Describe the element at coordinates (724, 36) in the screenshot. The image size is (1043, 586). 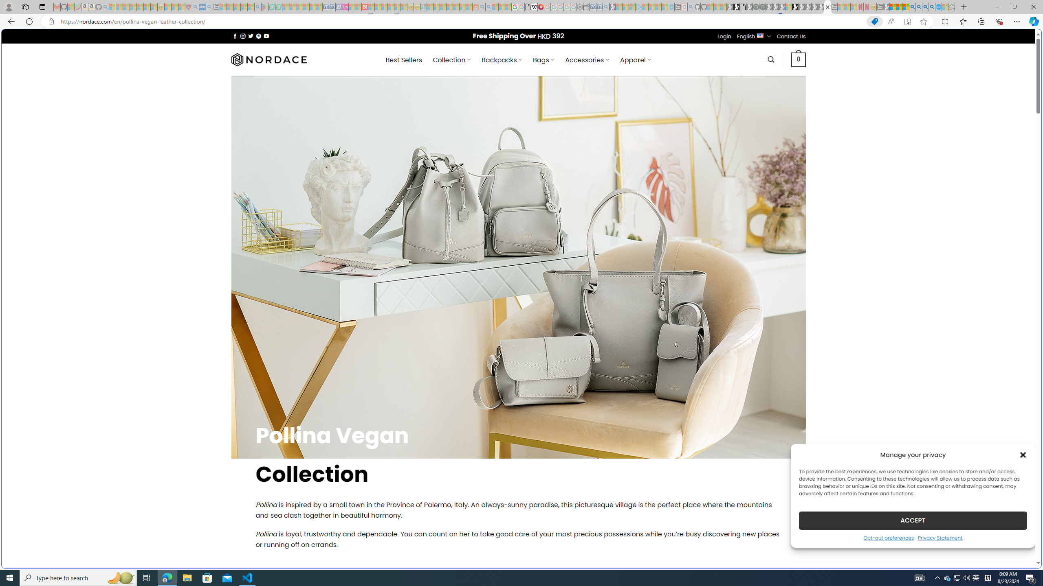
I see `'Login'` at that location.